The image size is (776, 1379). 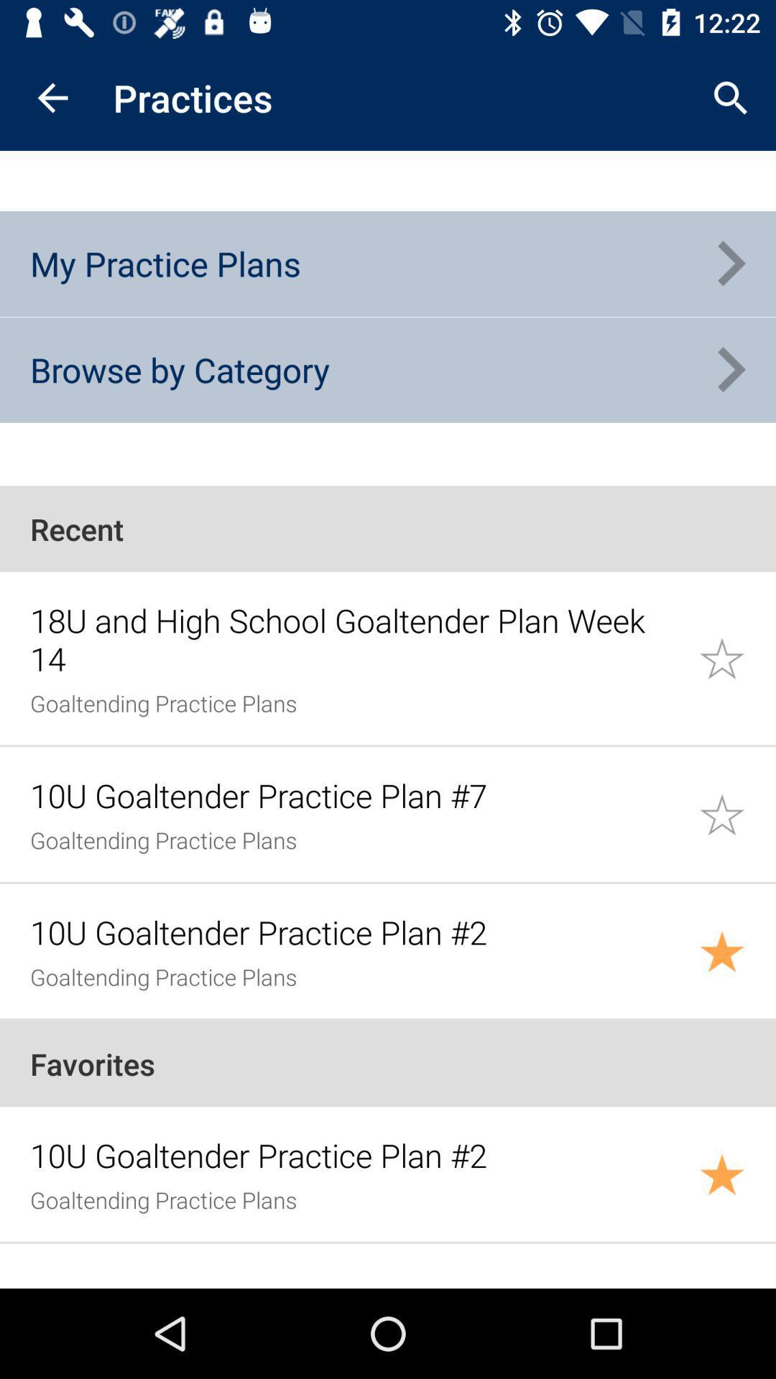 I want to click on the recent, so click(x=388, y=528).